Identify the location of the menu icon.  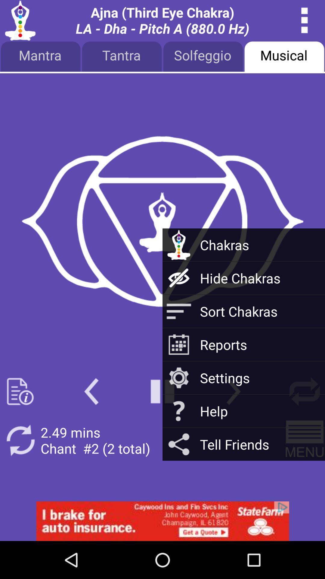
(305, 471).